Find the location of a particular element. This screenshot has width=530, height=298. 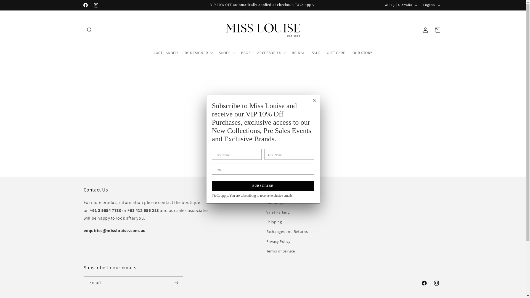

'Shipping' is located at coordinates (274, 222).